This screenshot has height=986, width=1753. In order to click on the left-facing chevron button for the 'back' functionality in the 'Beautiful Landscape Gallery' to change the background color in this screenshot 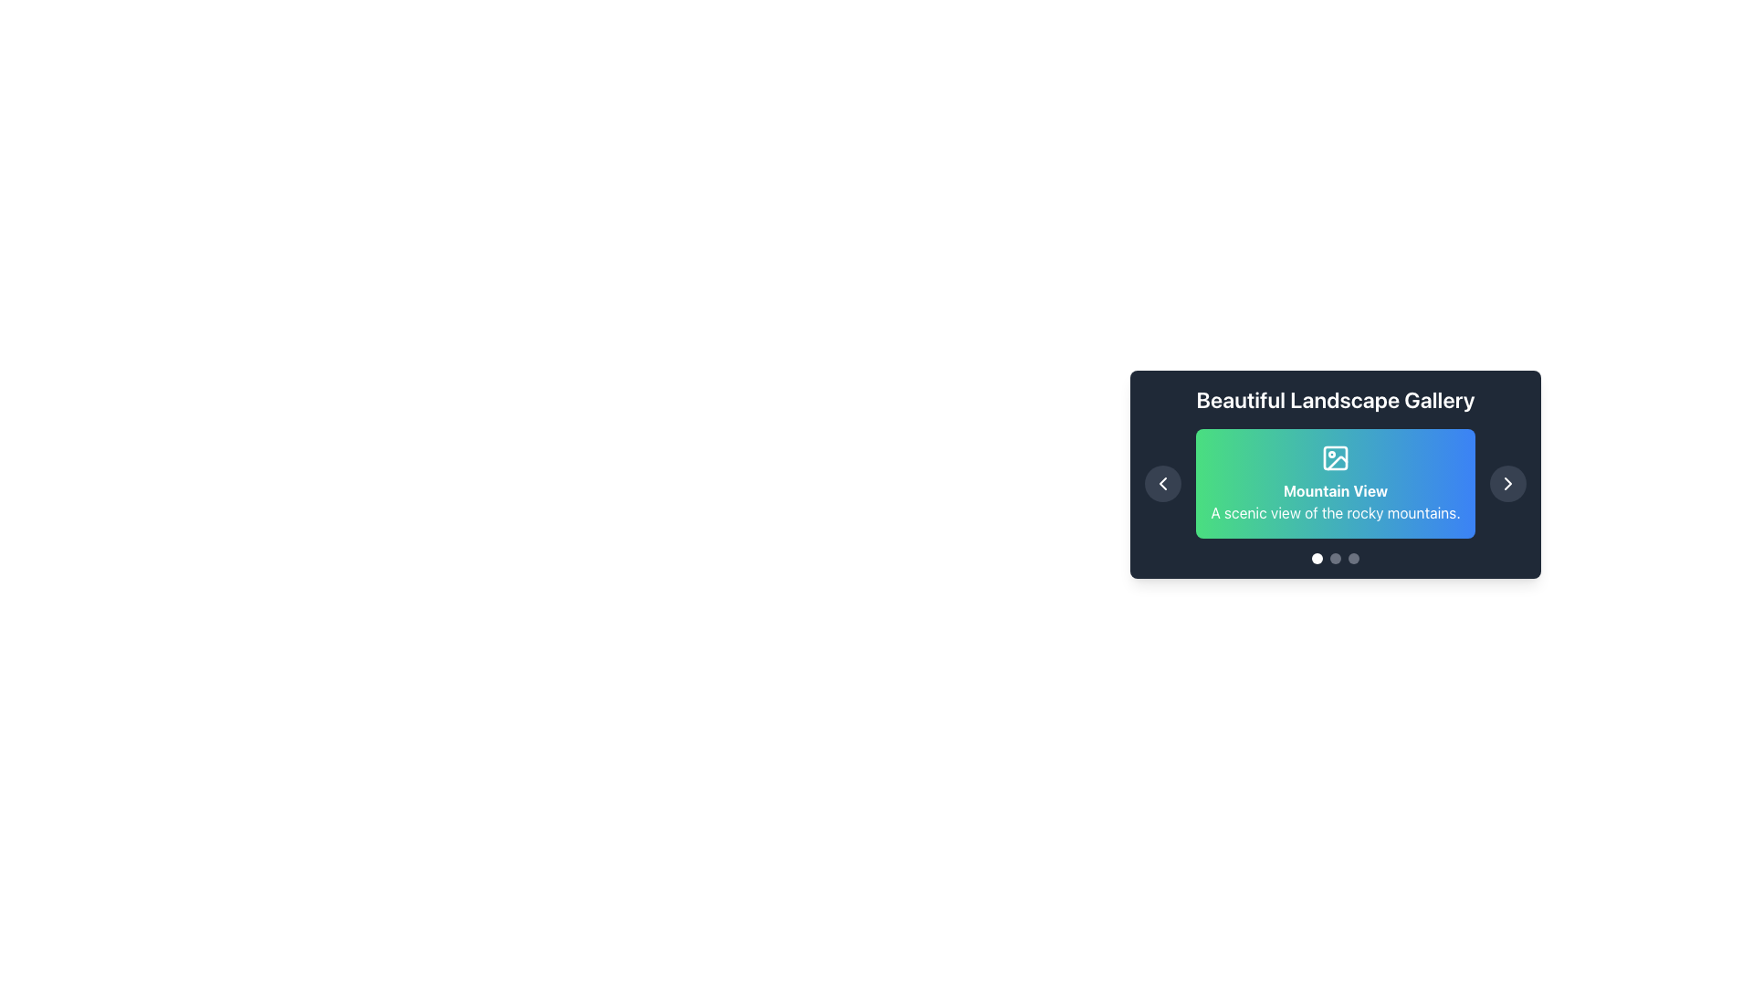, I will do `click(1161, 482)`.